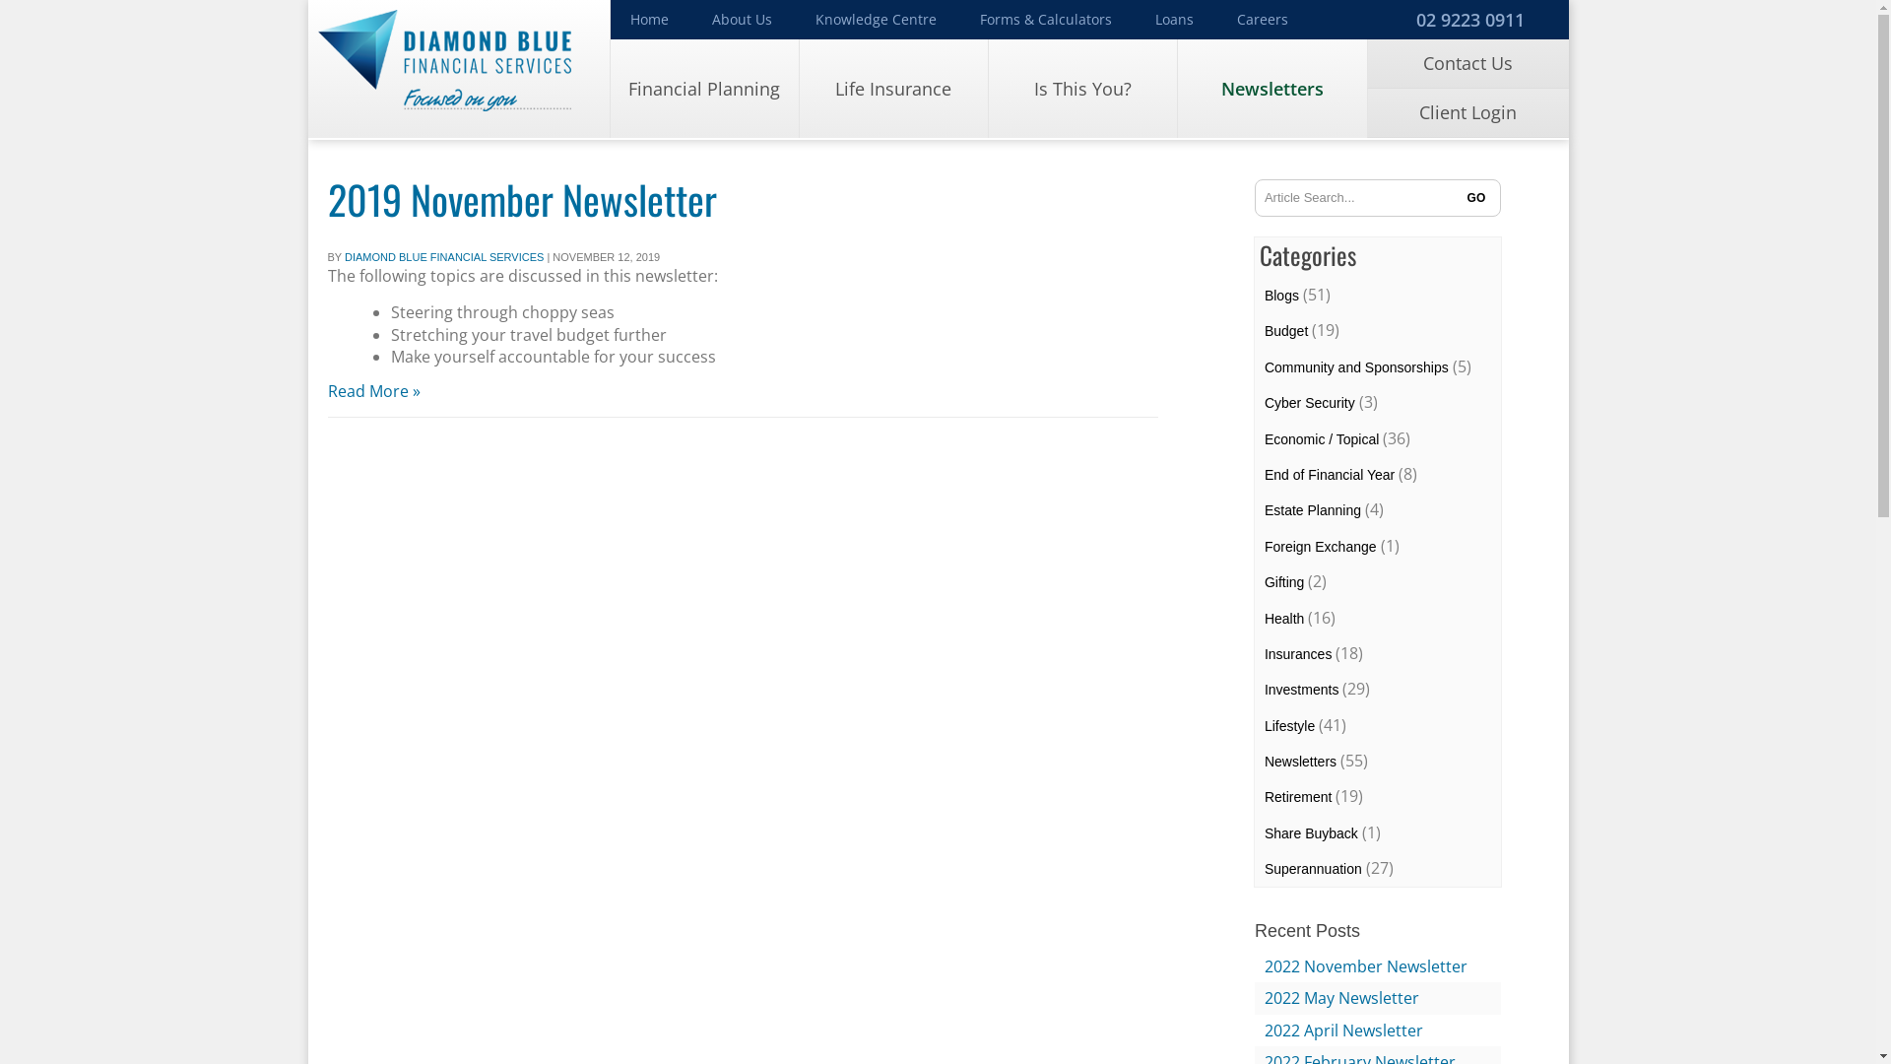  I want to click on 'Community and Sponsorships', so click(1264, 367).